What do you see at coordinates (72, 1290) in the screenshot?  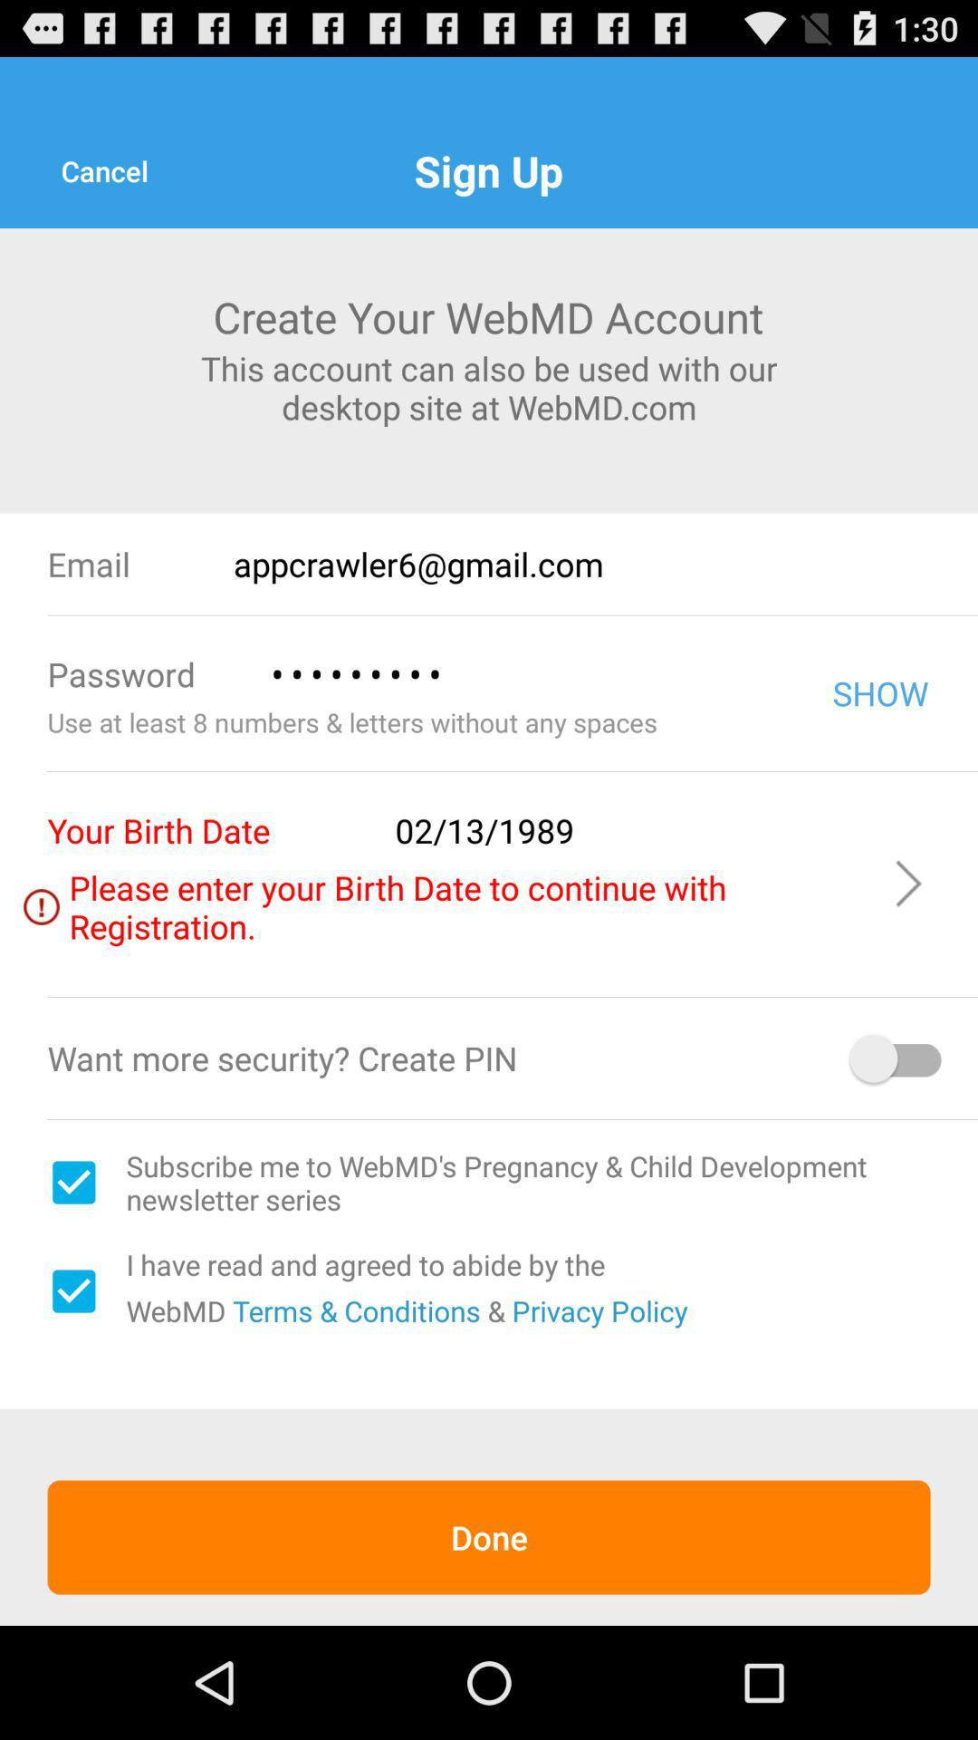 I see `item next to i have read item` at bounding box center [72, 1290].